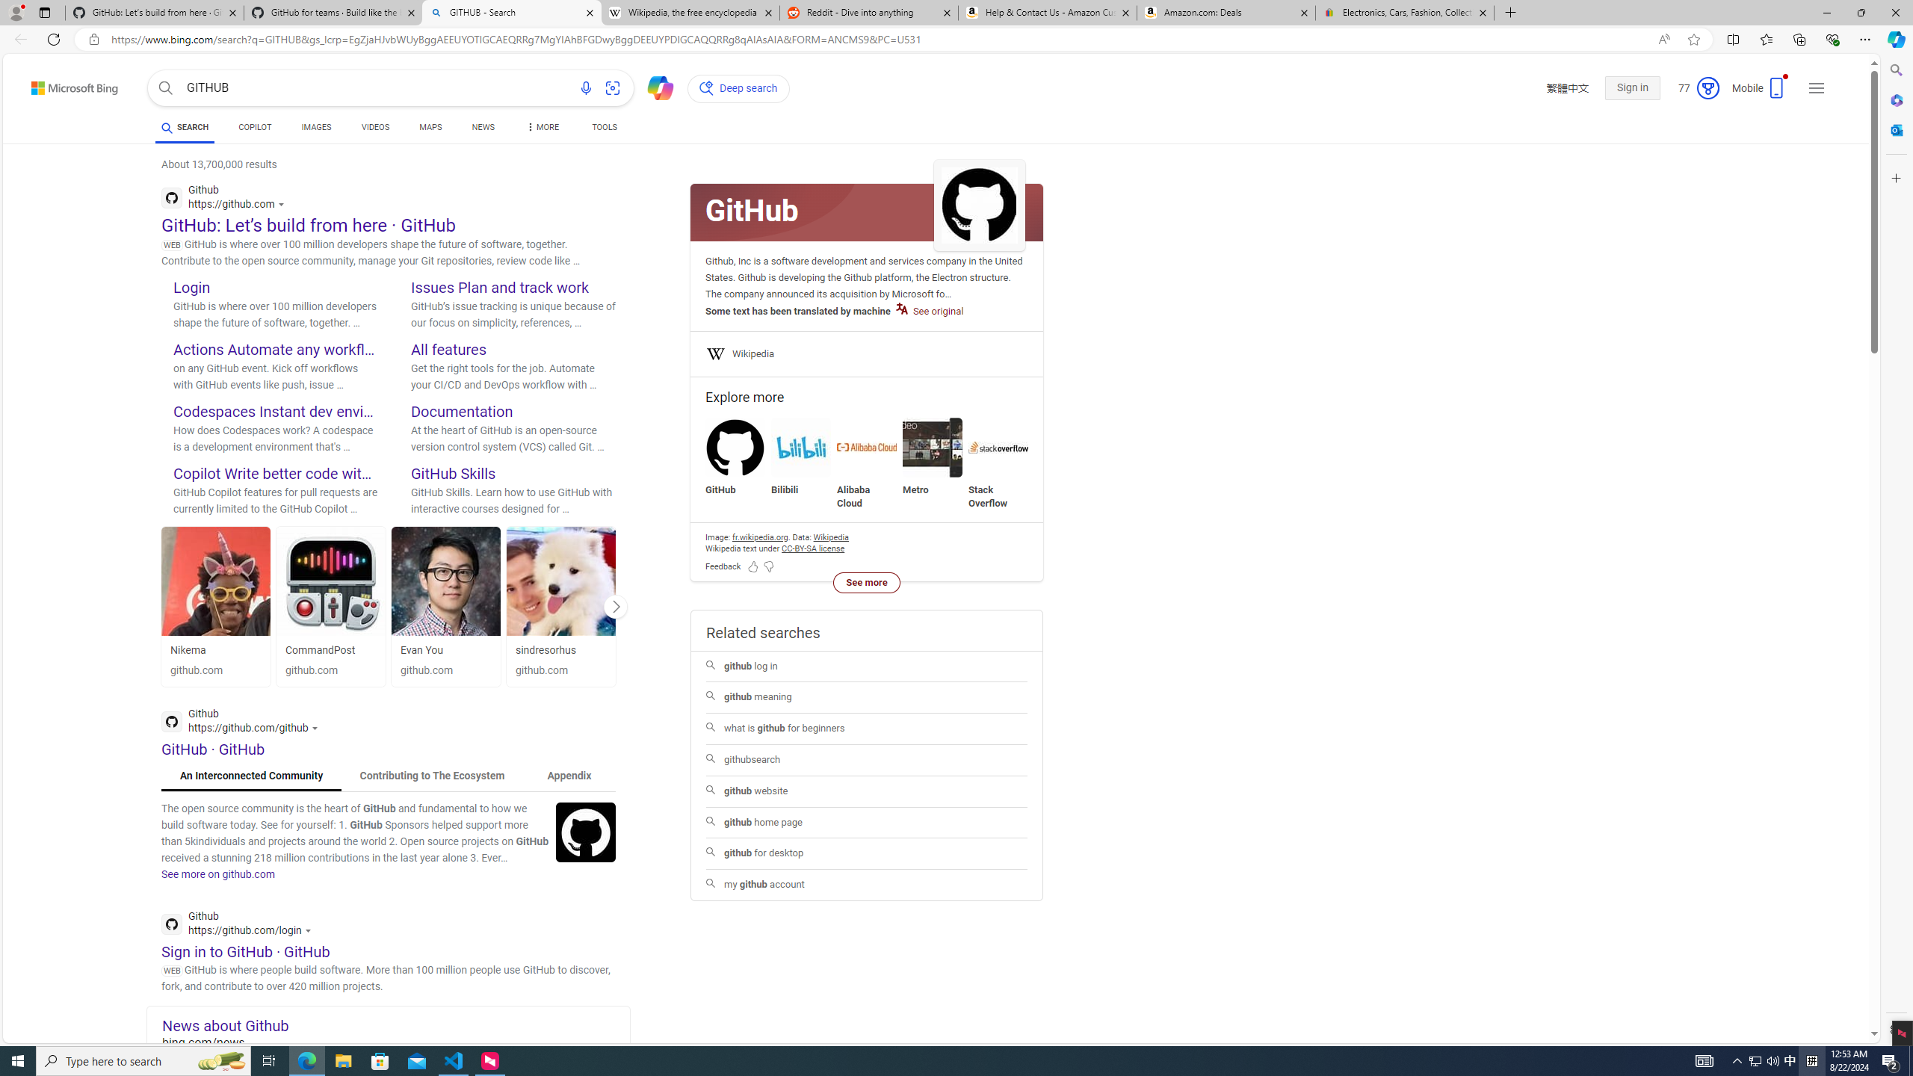  I want to click on 'Wikipedia, the free encyclopedia', so click(690, 12).